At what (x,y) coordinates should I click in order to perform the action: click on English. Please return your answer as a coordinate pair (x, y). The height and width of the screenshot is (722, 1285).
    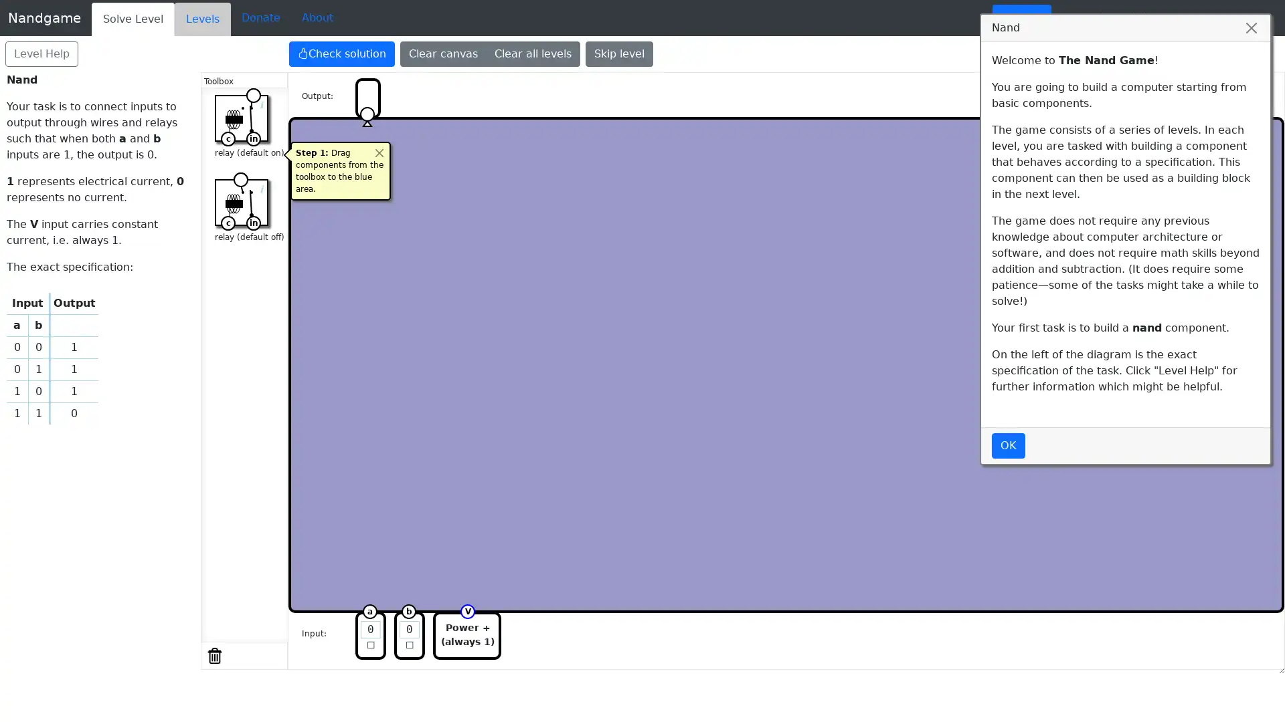
    Looking at the image, I should click on (1021, 18).